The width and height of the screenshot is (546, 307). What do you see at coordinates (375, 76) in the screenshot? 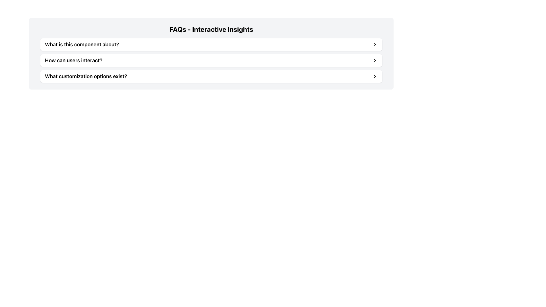
I see `the chevron icon located to the far right of the third FAQ entry, adjacent to the text 'What customization options exist?'` at bounding box center [375, 76].